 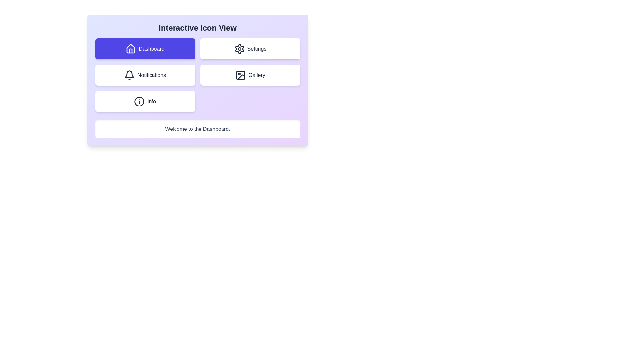 I want to click on the 'Info' icon located immediately to the left of the 'Info' text label in the third item of the interactive panel, so click(x=139, y=101).